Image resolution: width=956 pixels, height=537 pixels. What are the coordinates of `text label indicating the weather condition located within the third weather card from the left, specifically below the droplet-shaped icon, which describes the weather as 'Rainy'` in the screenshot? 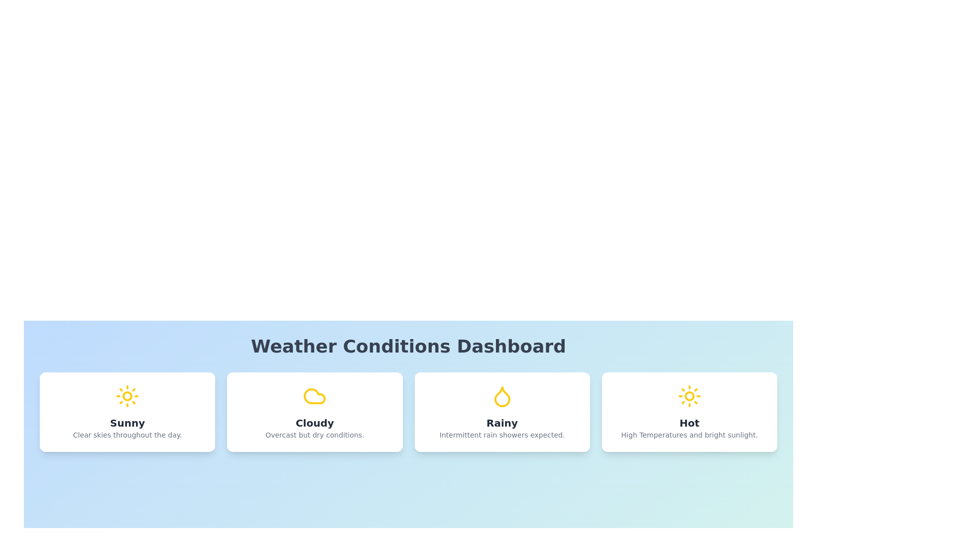 It's located at (502, 423).